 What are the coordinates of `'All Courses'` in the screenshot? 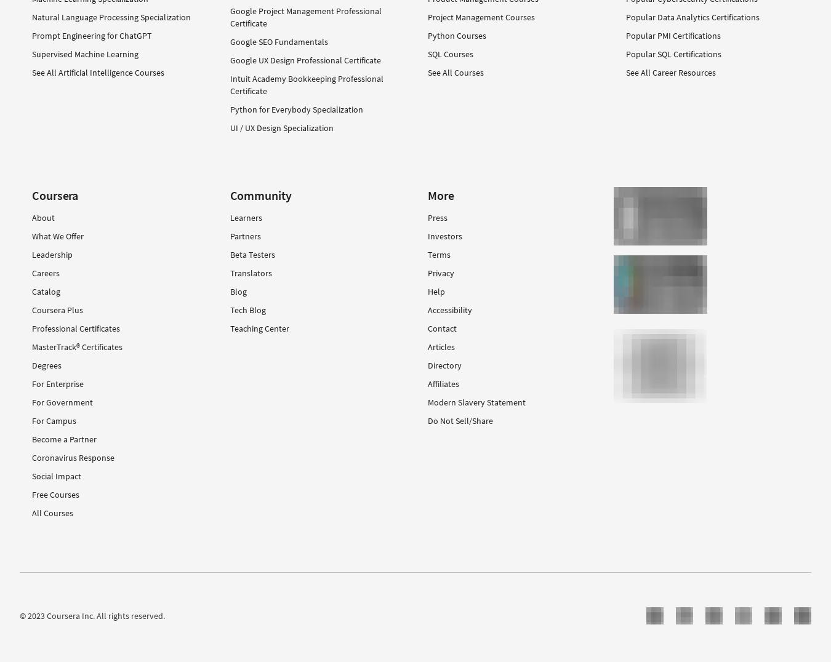 It's located at (52, 512).